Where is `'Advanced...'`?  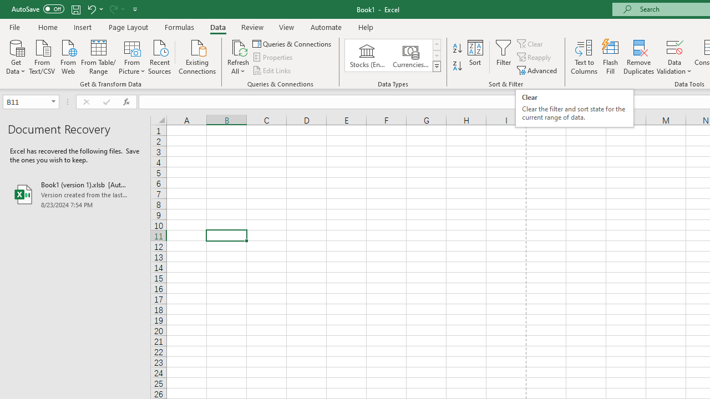
'Advanced...' is located at coordinates (538, 70).